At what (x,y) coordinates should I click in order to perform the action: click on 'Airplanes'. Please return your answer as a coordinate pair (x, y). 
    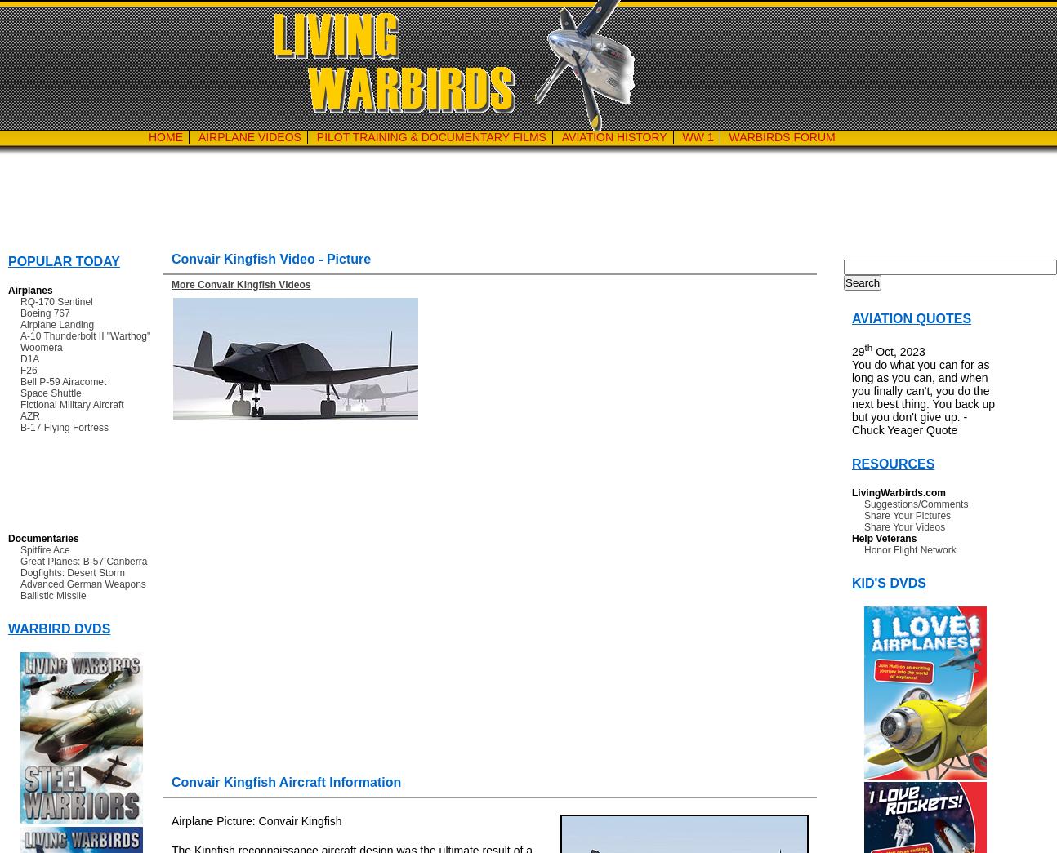
    Looking at the image, I should click on (29, 290).